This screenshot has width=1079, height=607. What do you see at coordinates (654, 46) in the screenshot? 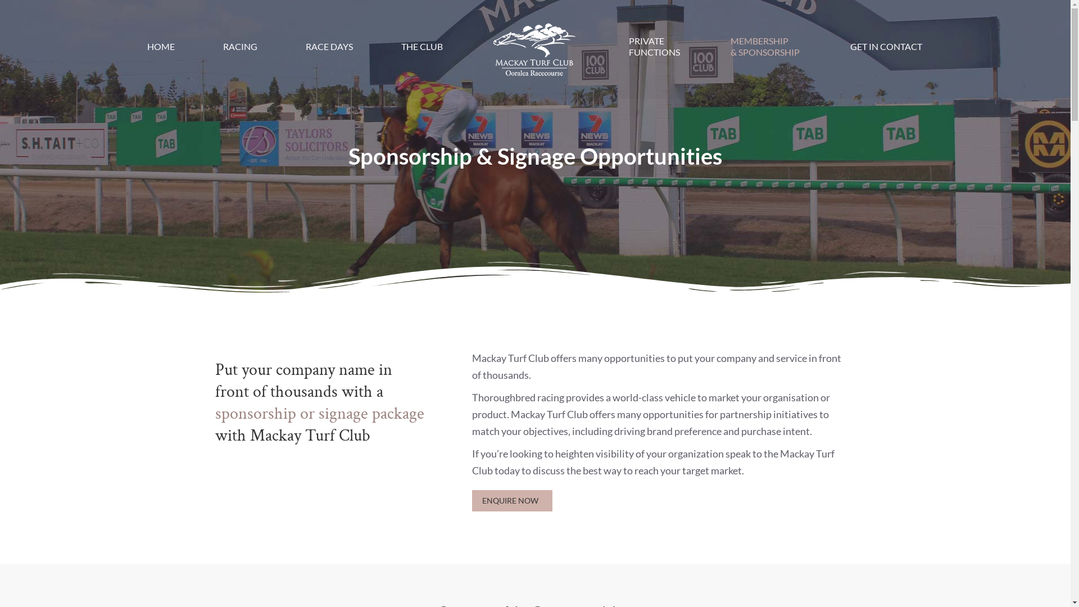
I see `'PRIVATE` at bounding box center [654, 46].